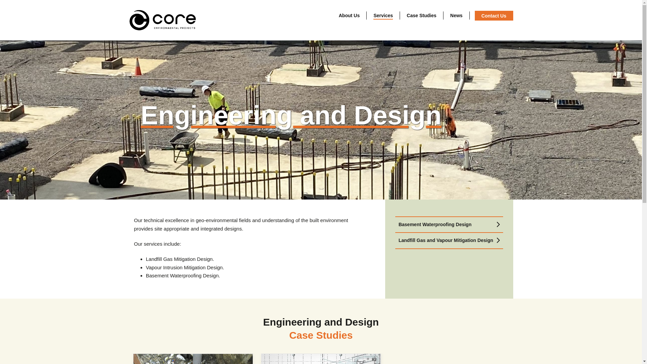 The height and width of the screenshot is (364, 647). I want to click on 'Services', so click(383, 15).